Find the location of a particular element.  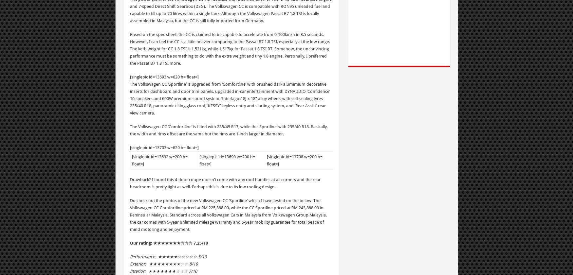

'Our rating:' is located at coordinates (141, 243).